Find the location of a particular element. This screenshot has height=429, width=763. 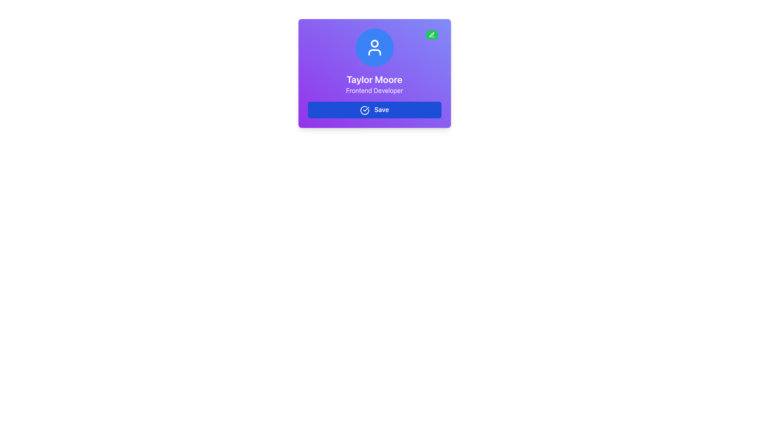

the edit icon located in the small green circular button at the top right corner of the user profile card to initiate the edit functionality is located at coordinates (431, 35).